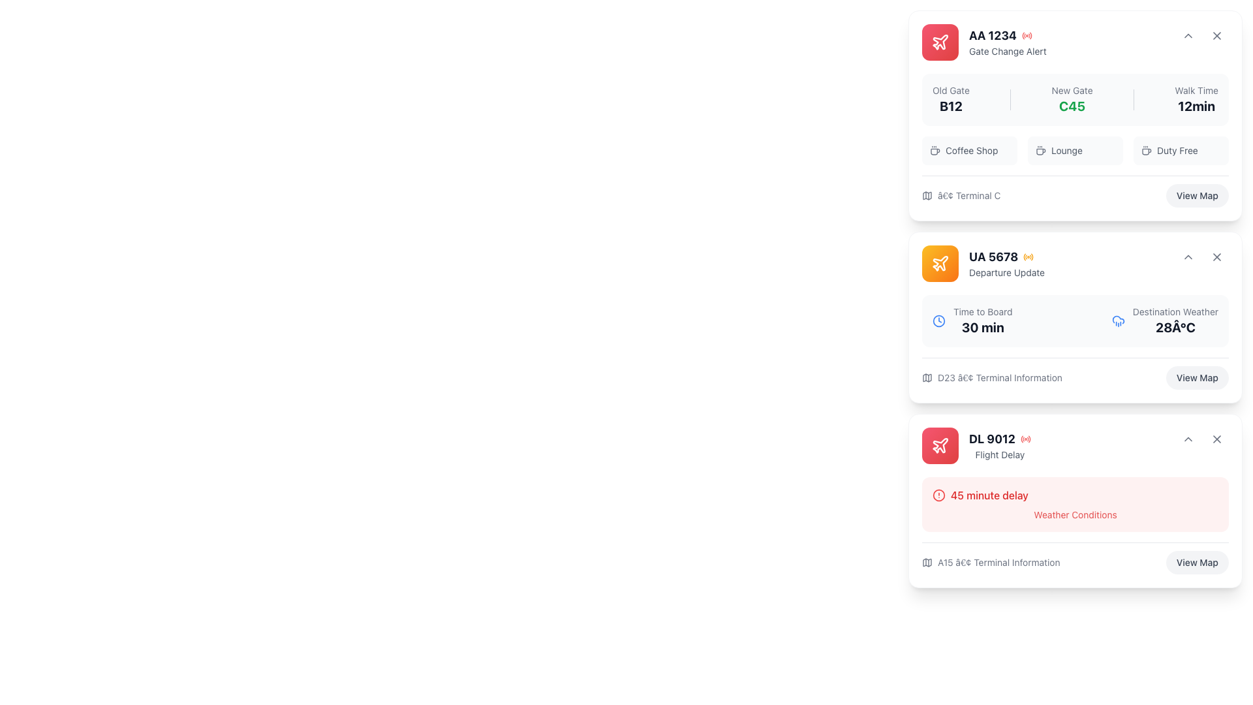 The width and height of the screenshot is (1253, 705). Describe the element at coordinates (1075, 317) in the screenshot. I see `displayed information in the central informational block of the card labeled 'UA 5678', which includes the time remaining to board and the destination weather` at that location.